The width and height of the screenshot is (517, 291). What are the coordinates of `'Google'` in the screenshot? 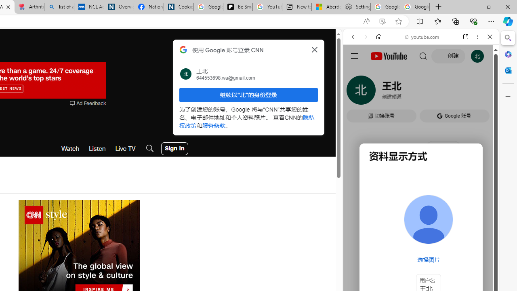 It's located at (420, 200).